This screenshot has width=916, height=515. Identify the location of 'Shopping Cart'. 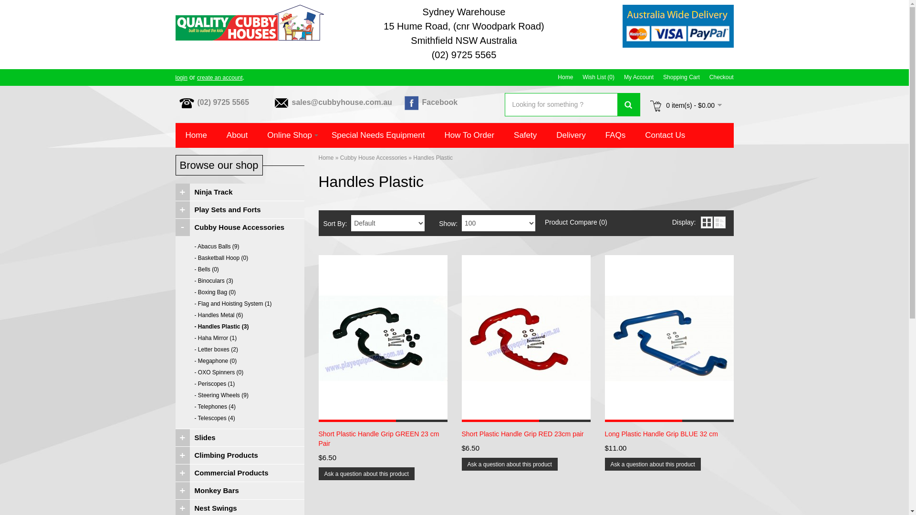
(681, 77).